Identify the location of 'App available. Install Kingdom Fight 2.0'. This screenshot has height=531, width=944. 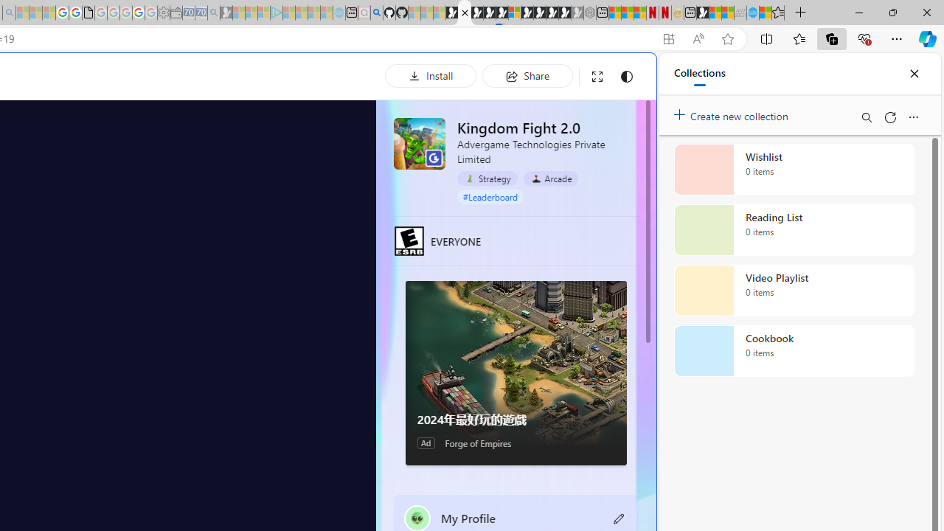
(667, 38).